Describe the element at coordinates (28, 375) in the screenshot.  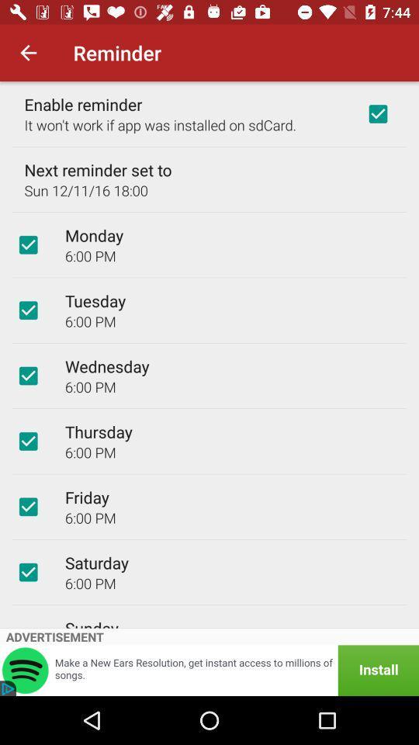
I see `choose wednesday button` at that location.